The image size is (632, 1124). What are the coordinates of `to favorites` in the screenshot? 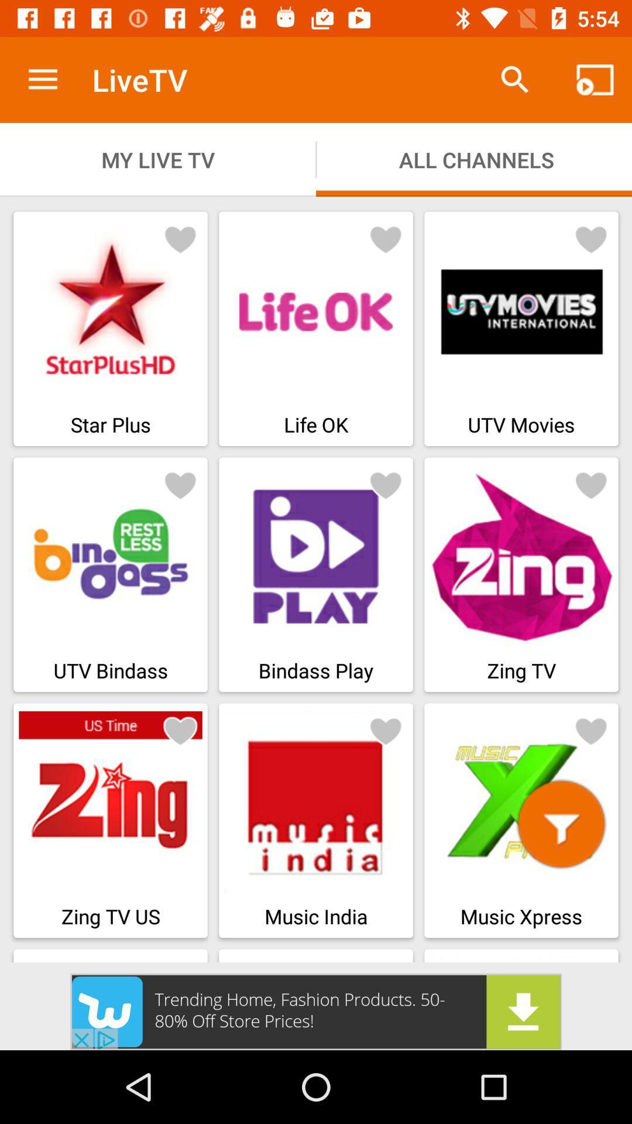 It's located at (591, 730).